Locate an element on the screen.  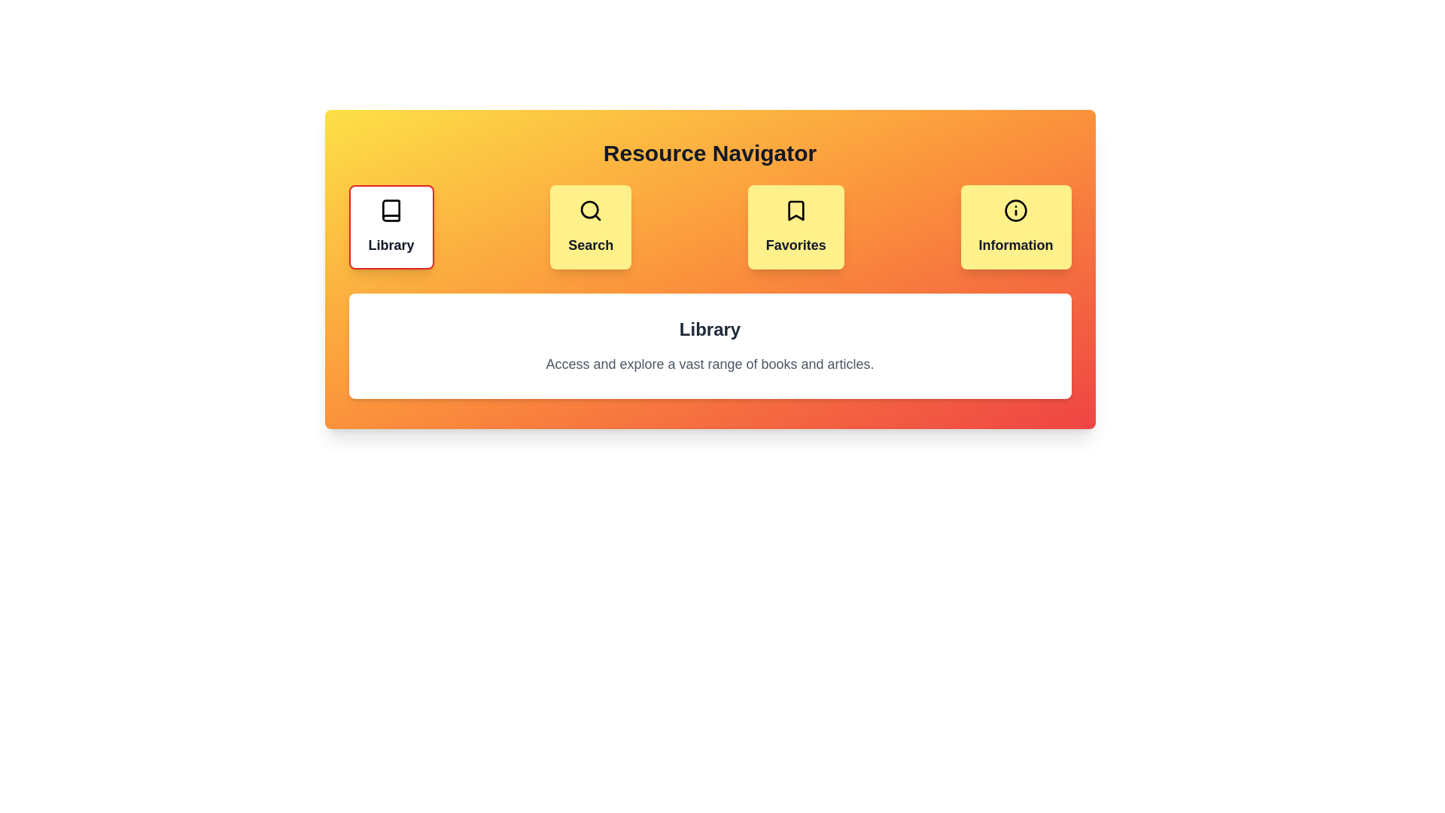
the tab labeled Library to switch to that tab is located at coordinates (391, 227).